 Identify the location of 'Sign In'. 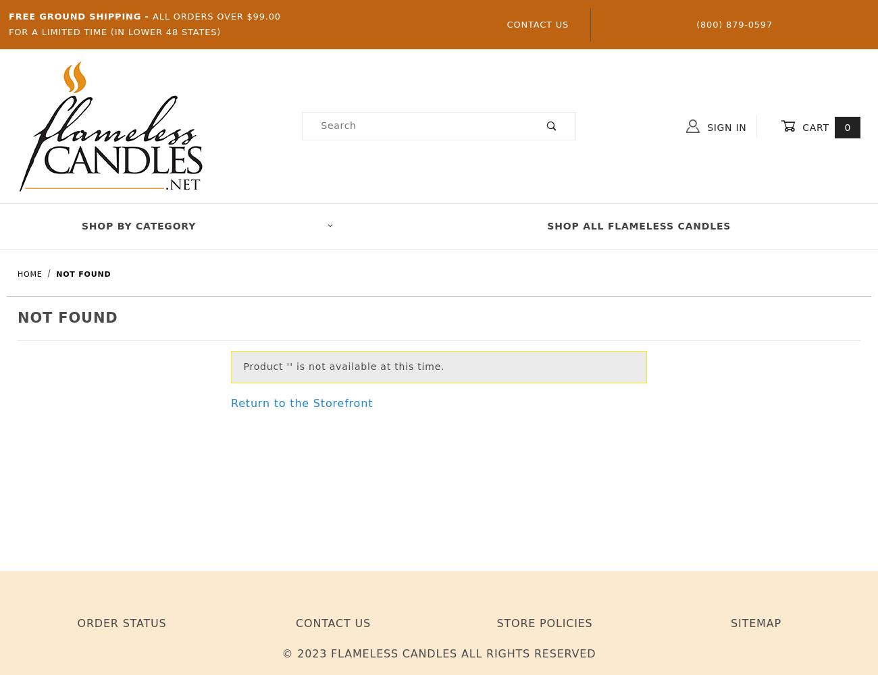
(725, 127).